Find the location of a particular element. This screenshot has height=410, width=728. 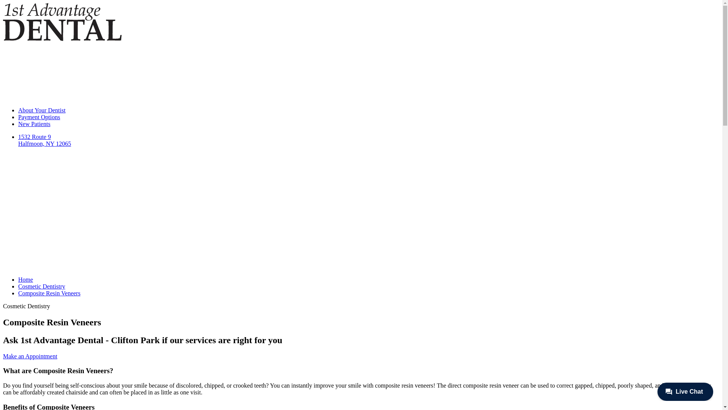

'Make an Appointment' is located at coordinates (30, 356).